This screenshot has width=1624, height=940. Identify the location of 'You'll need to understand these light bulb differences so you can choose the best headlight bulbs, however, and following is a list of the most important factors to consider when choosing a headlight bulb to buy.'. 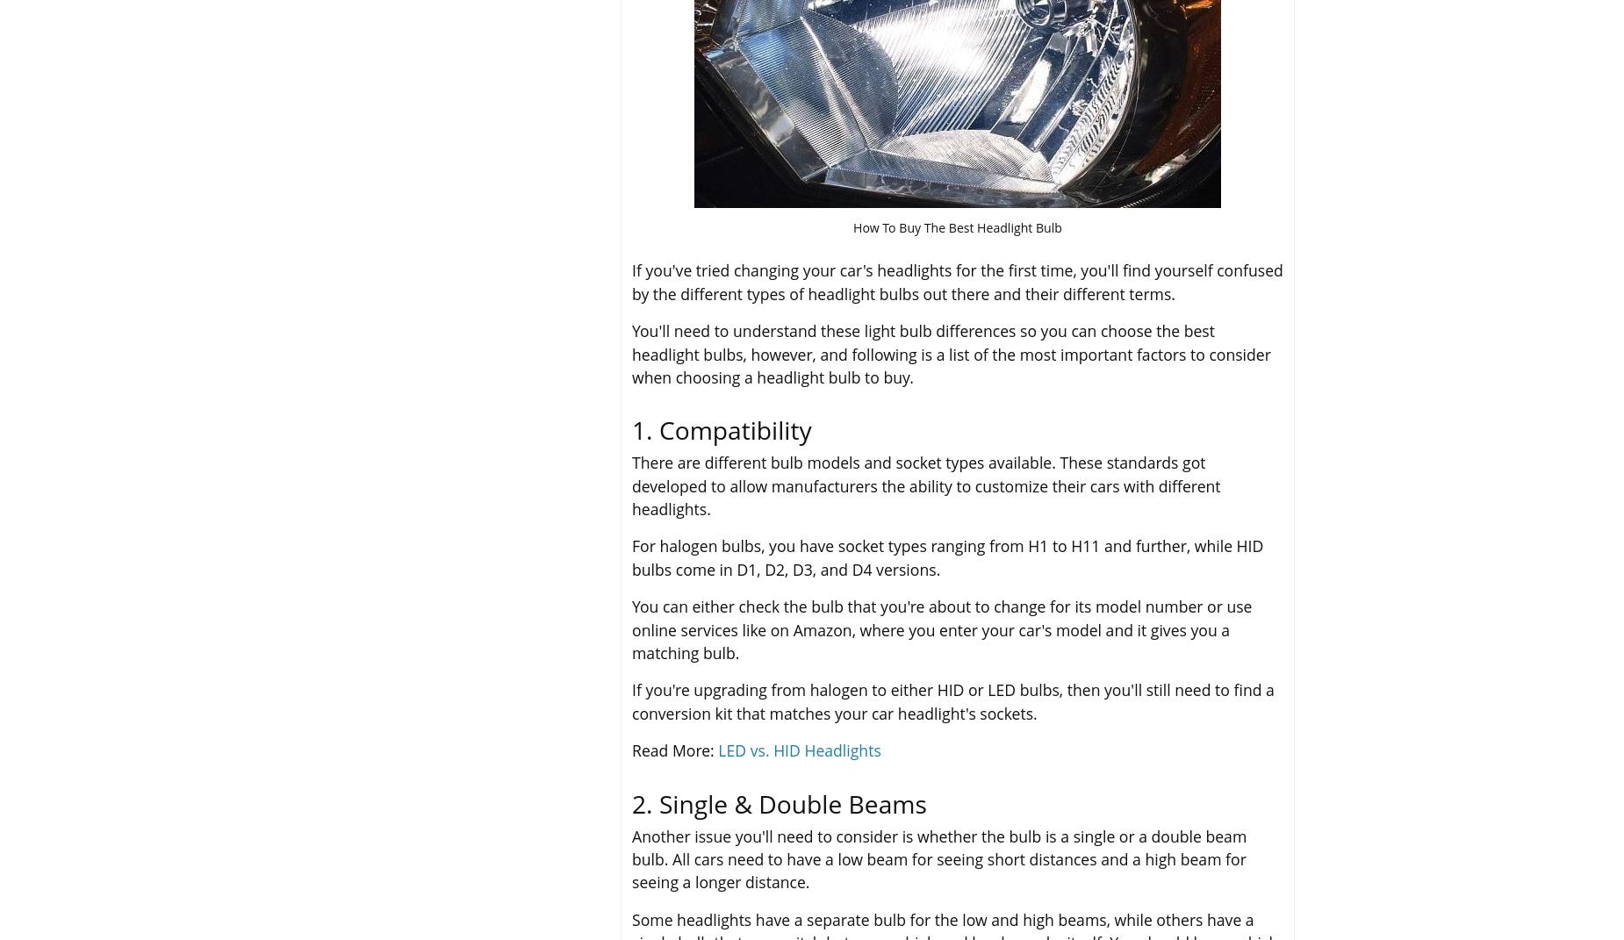
(950, 354).